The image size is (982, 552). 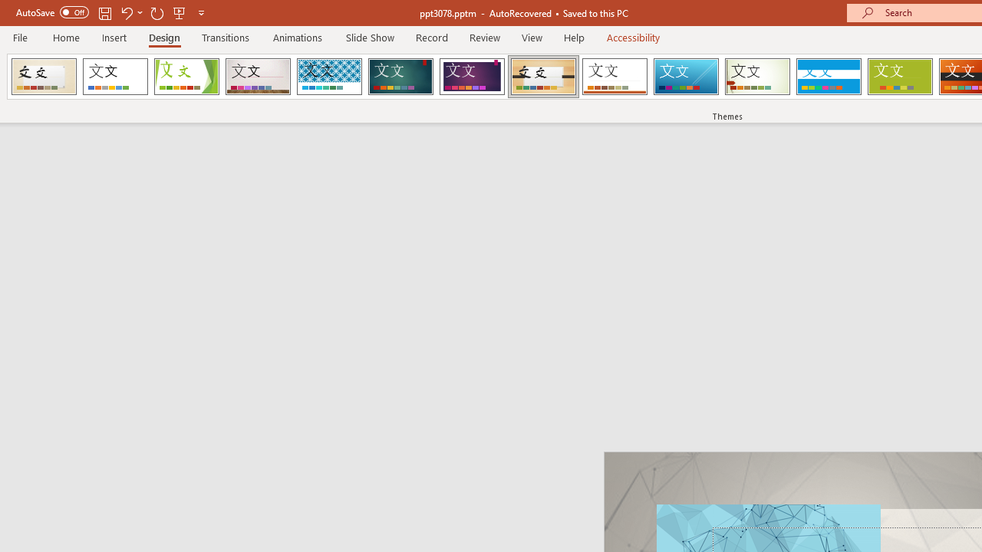 I want to click on 'Slice', so click(x=685, y=77).